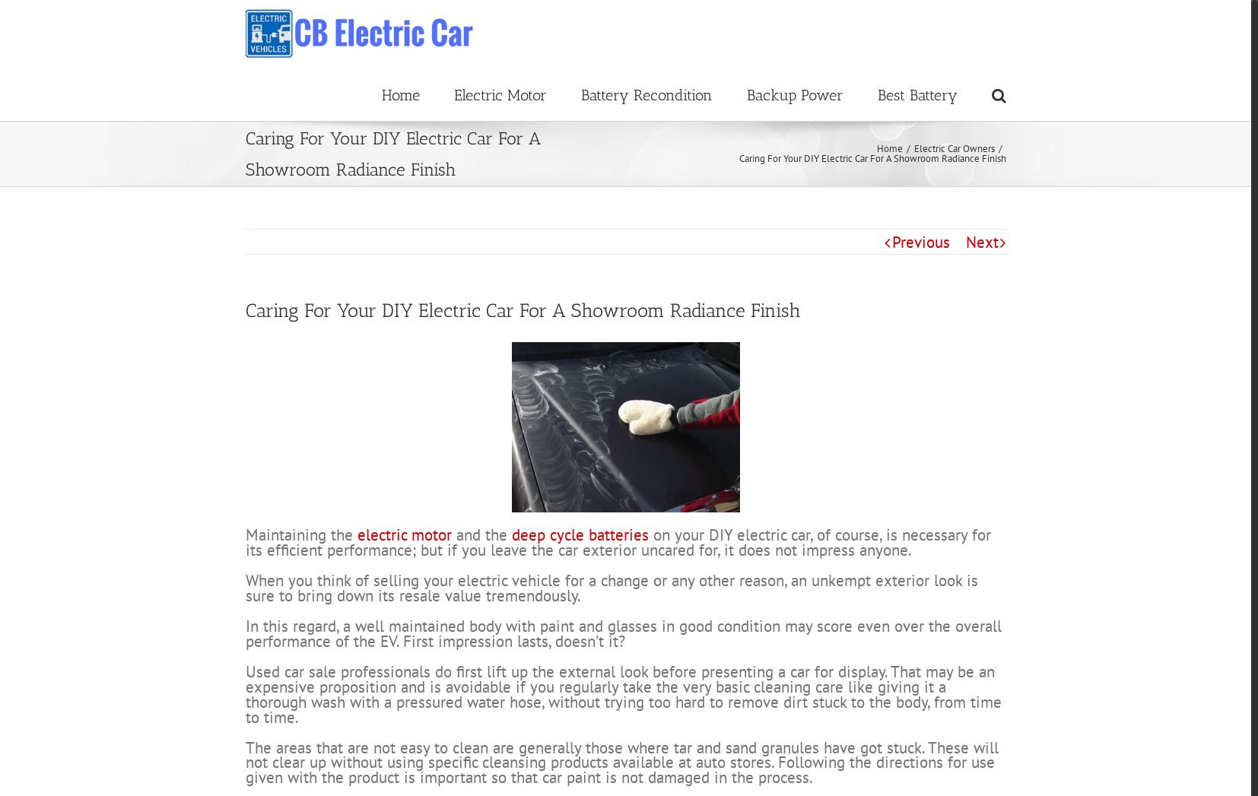 This screenshot has width=1258, height=796. Describe the element at coordinates (611, 643) in the screenshot. I see `'When you think of selling your electric vehicle for a change or any other reason, an unkempt exterior look is sure to bring down its resale value tremendously.'` at that location.